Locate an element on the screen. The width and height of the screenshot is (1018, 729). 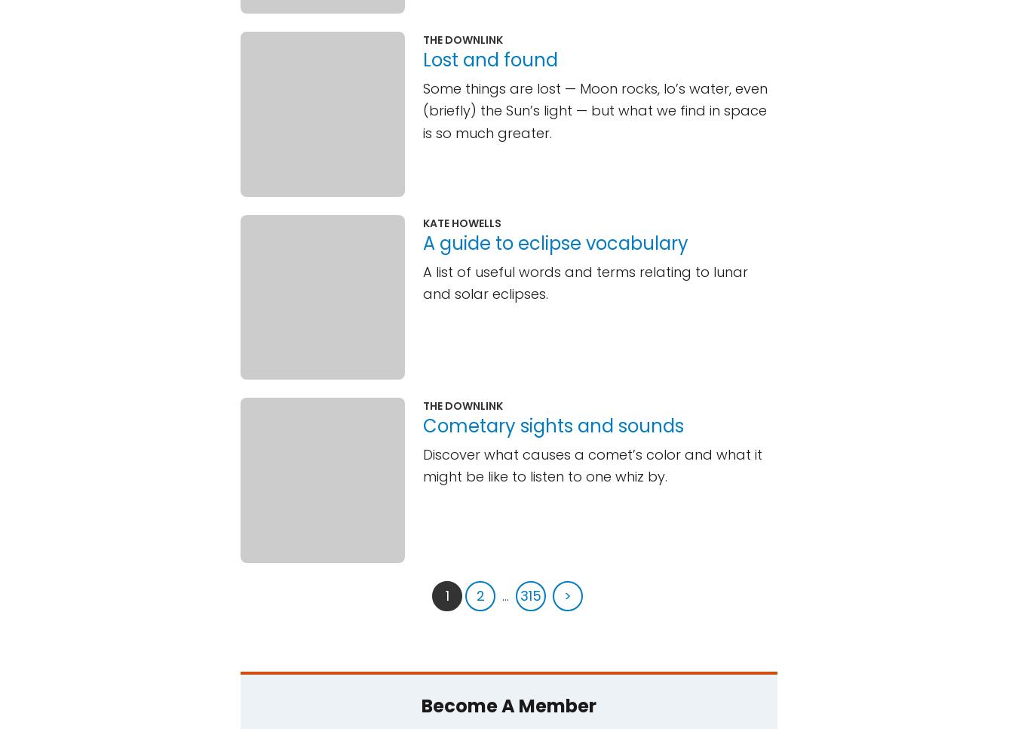
'...' is located at coordinates (505, 594).